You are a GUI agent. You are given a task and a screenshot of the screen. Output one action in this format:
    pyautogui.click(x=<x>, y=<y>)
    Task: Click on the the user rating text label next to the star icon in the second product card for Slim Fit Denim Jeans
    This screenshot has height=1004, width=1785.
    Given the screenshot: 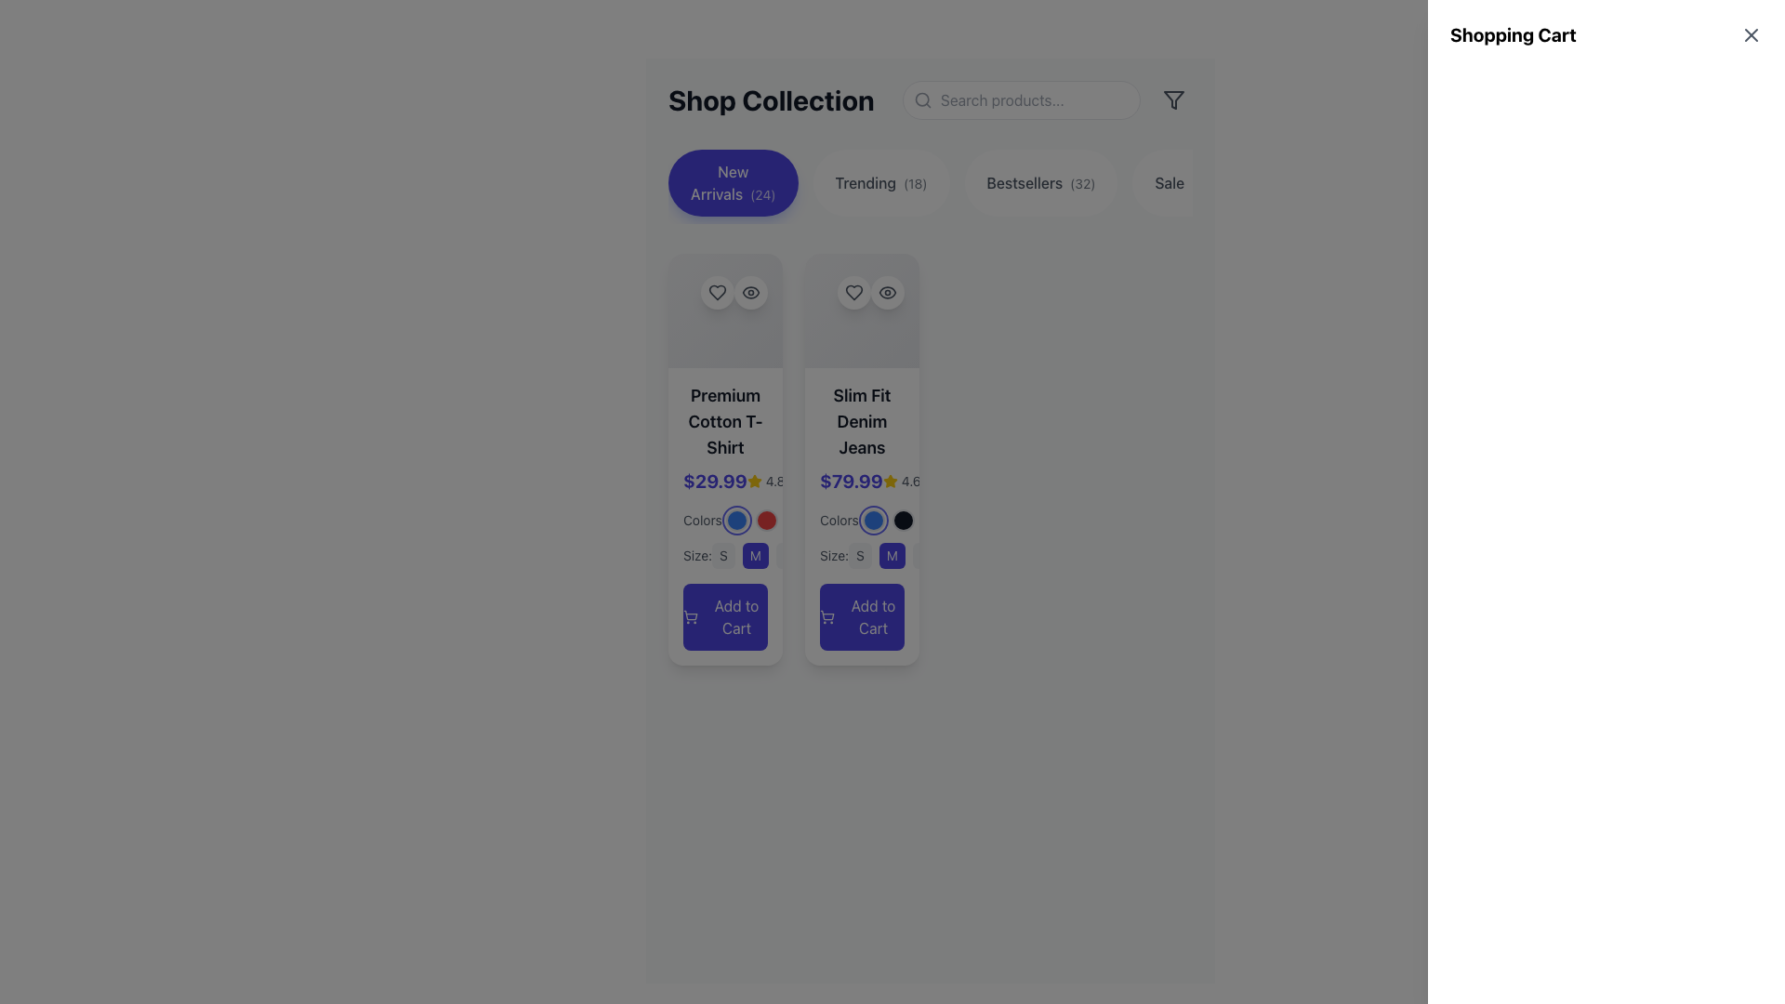 What is the action you would take?
    pyautogui.click(x=911, y=480)
    